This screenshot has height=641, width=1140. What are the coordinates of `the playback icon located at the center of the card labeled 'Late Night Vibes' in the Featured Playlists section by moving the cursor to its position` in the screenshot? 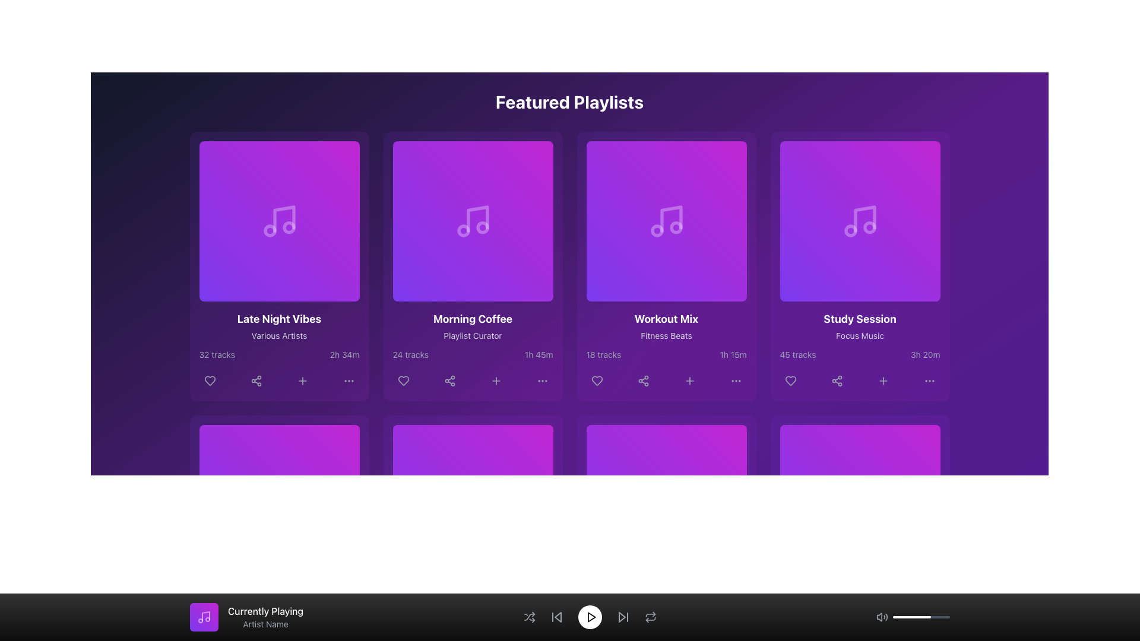 It's located at (280, 221).